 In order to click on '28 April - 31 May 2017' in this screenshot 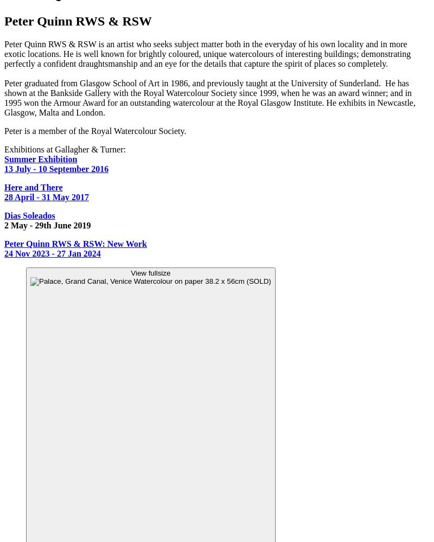, I will do `click(47, 197)`.